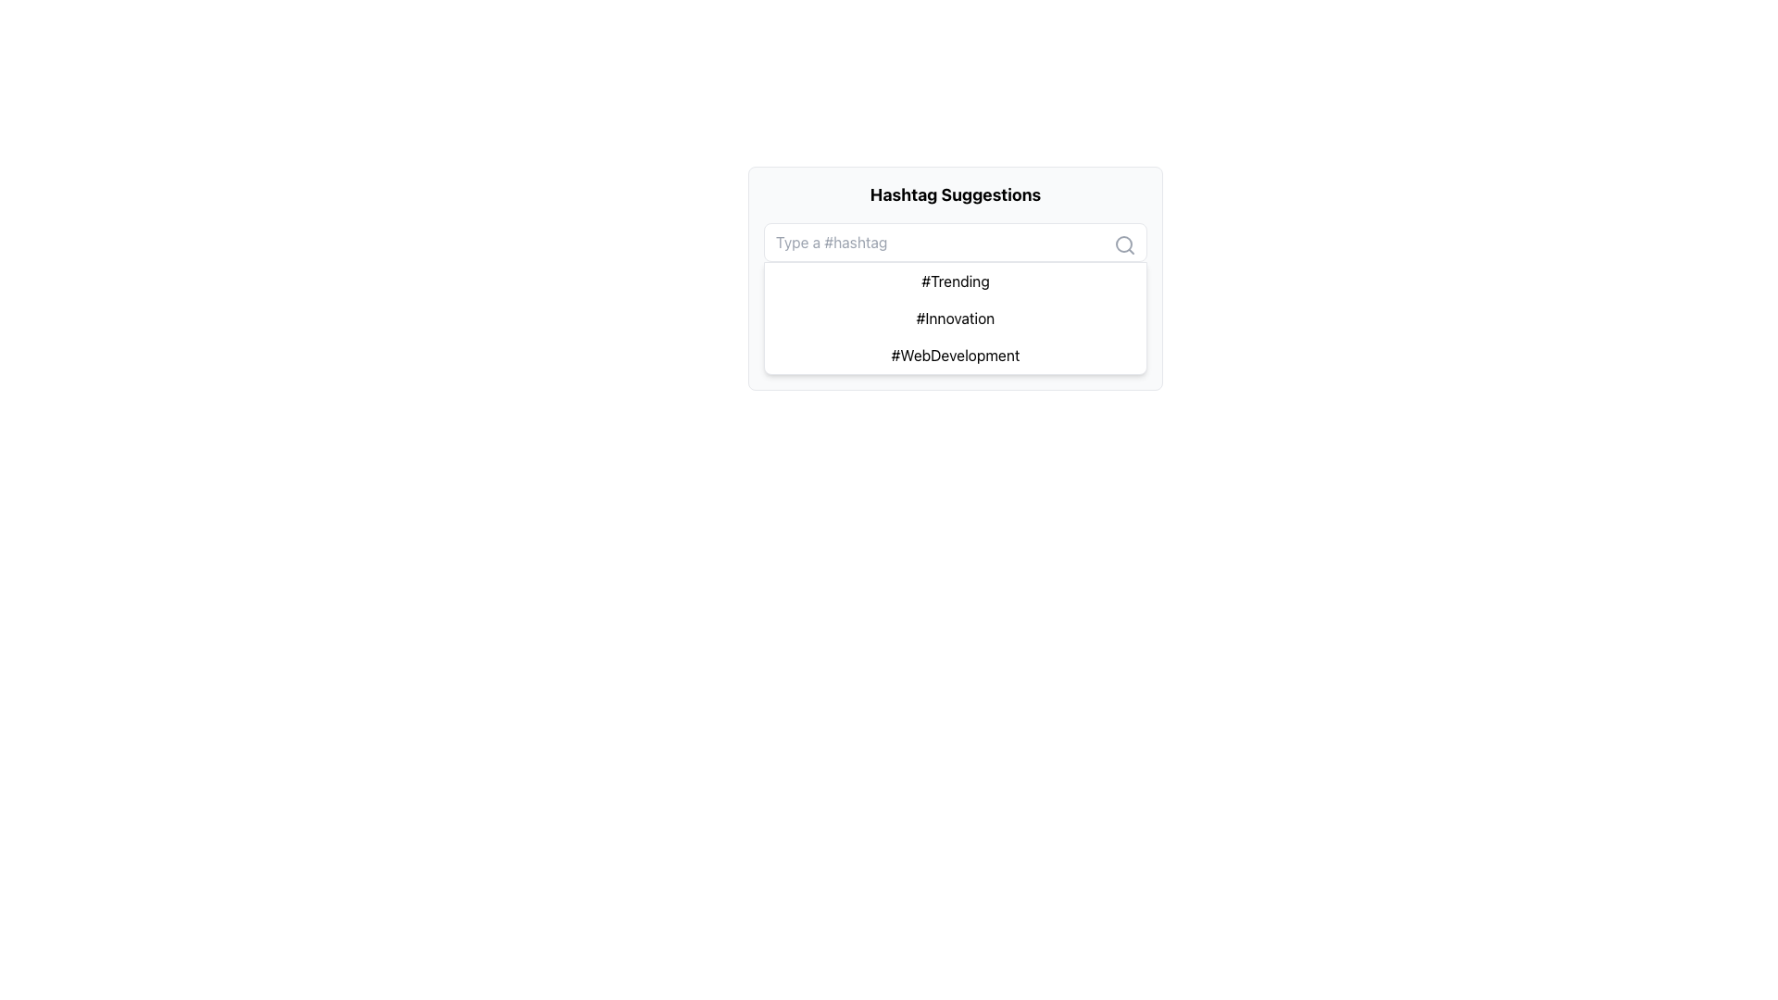 Image resolution: width=1778 pixels, height=1000 pixels. What do you see at coordinates (956, 281) in the screenshot?
I see `the text item displaying the hashtag '#Trending' to trigger a background change effect` at bounding box center [956, 281].